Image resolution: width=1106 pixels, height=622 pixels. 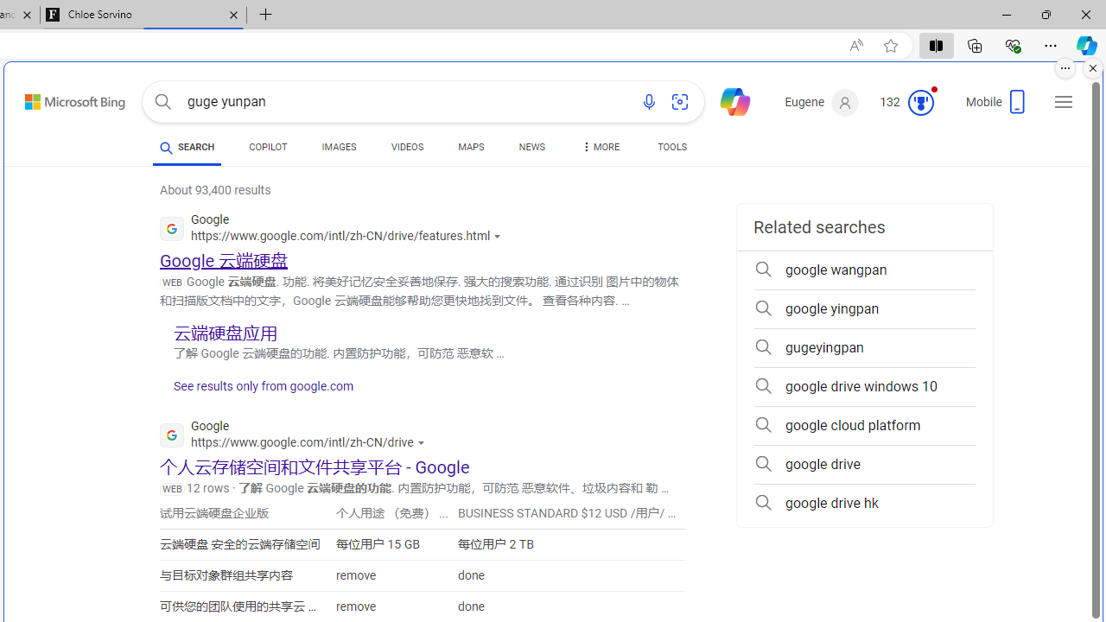 What do you see at coordinates (891, 45) in the screenshot?
I see `'Add this page to favorites (Ctrl+D)'` at bounding box center [891, 45].